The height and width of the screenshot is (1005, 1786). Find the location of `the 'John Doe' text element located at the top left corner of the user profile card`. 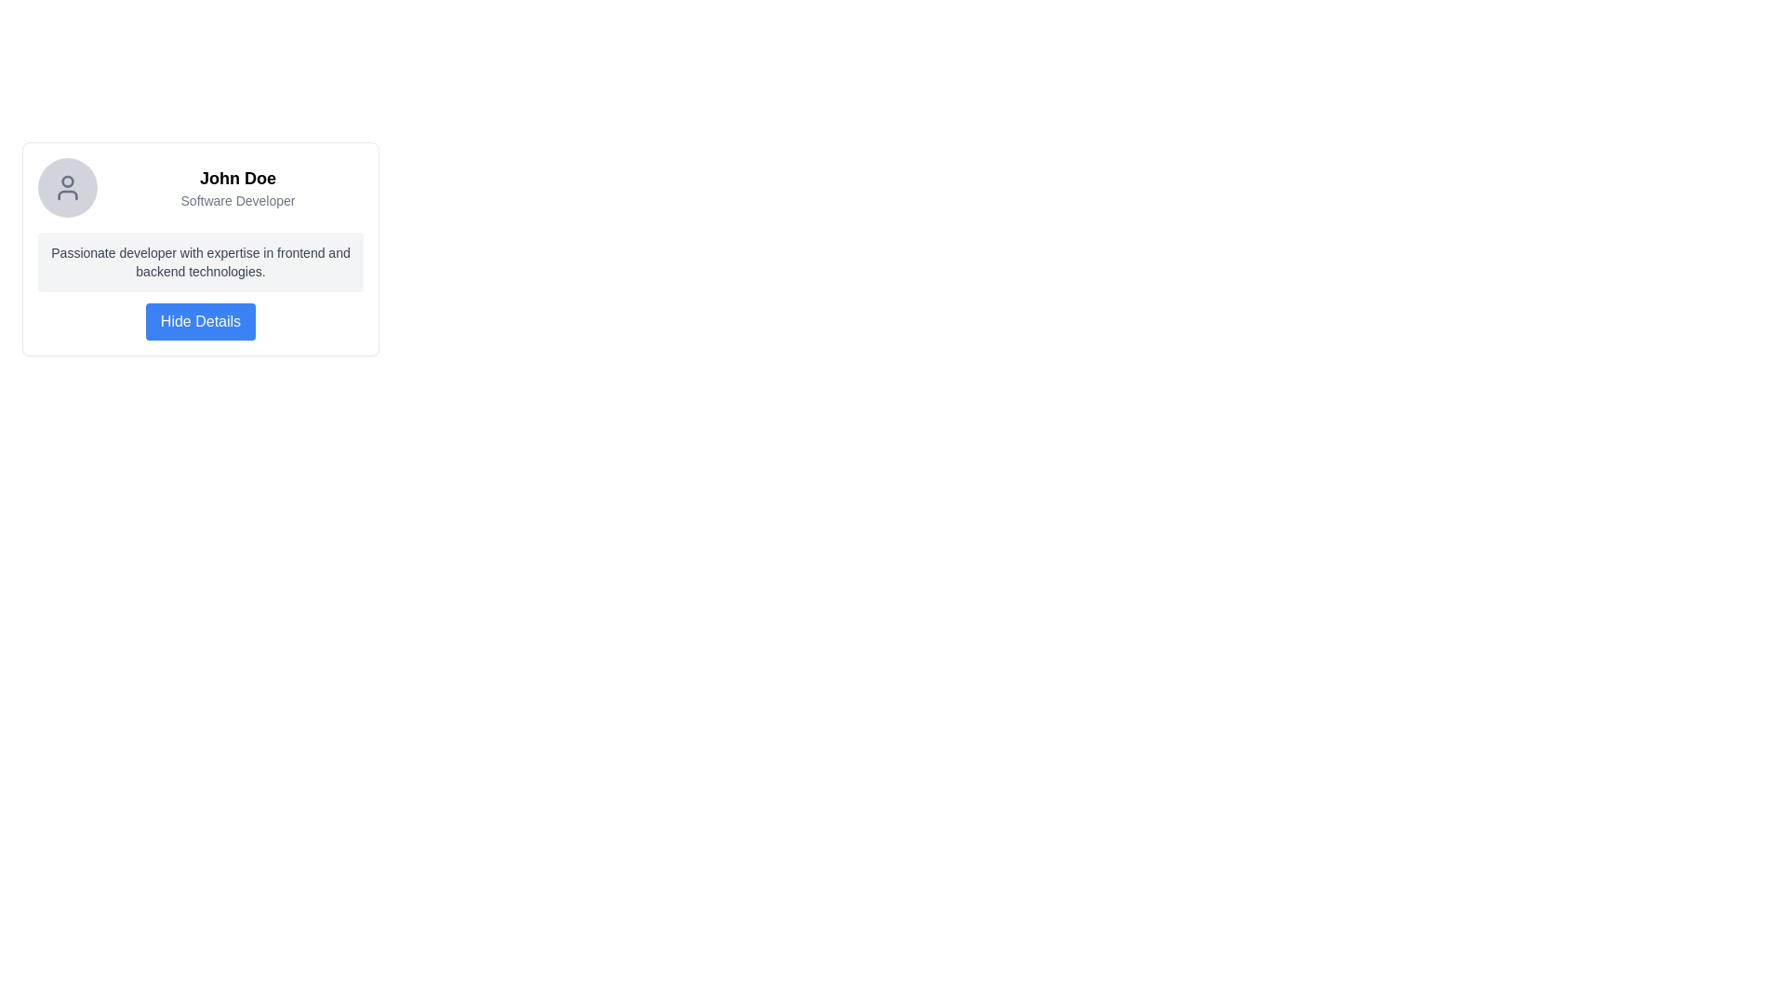

the 'John Doe' text element located at the top left corner of the user profile card is located at coordinates (201, 187).